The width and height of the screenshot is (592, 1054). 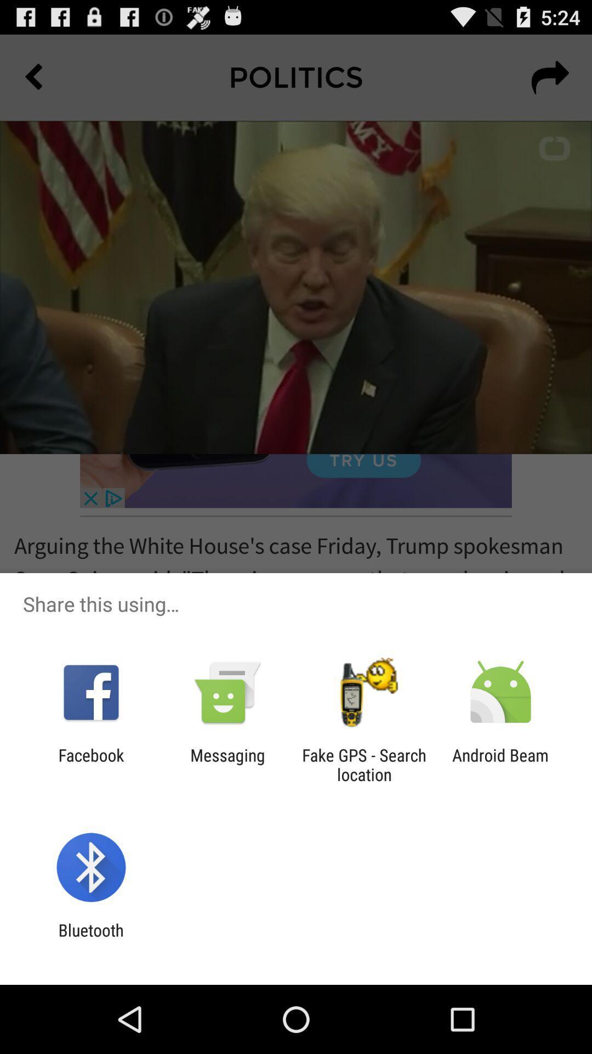 What do you see at coordinates (500, 764) in the screenshot?
I see `android beam item` at bounding box center [500, 764].